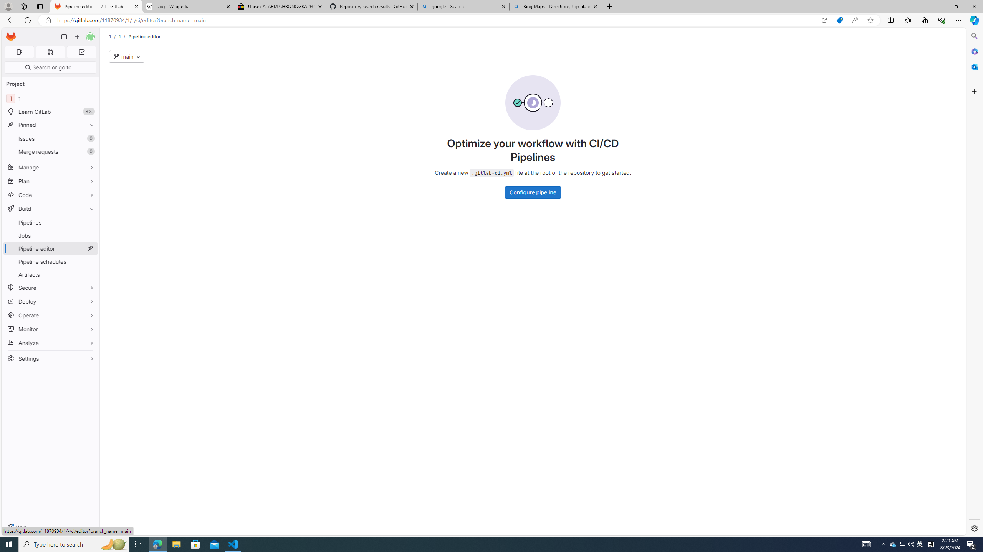 This screenshot has width=983, height=552. Describe the element at coordinates (89, 261) in the screenshot. I see `'Pin Pipeline schedules'` at that location.